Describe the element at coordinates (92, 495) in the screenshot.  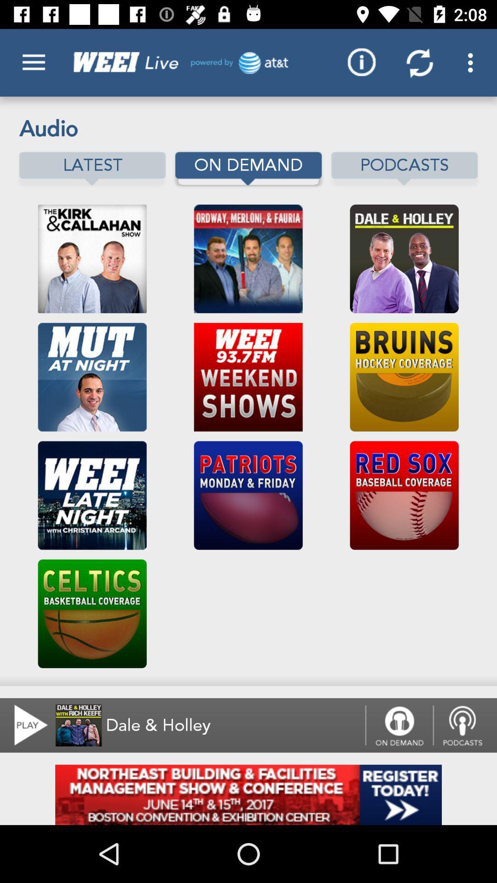
I see `the first image in the third row` at that location.